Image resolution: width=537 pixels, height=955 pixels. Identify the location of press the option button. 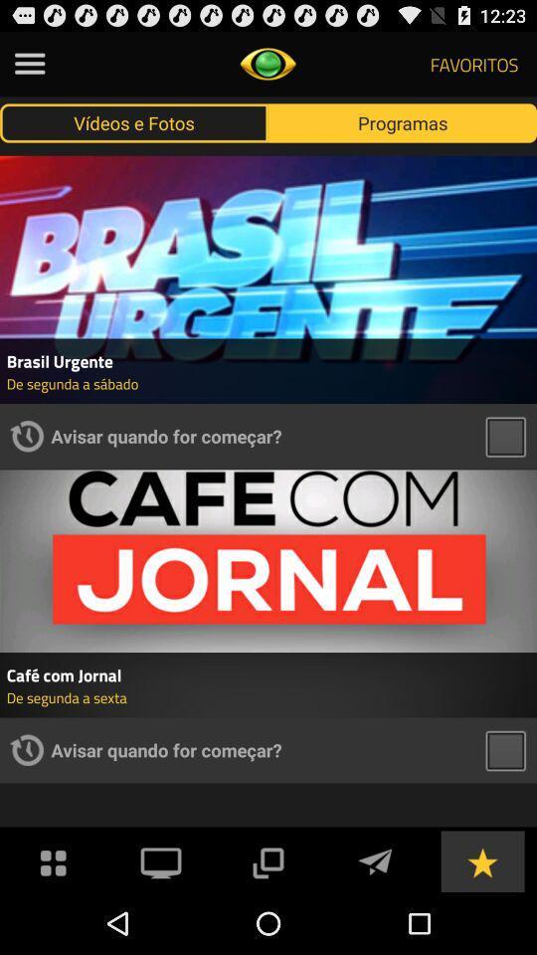
(29, 64).